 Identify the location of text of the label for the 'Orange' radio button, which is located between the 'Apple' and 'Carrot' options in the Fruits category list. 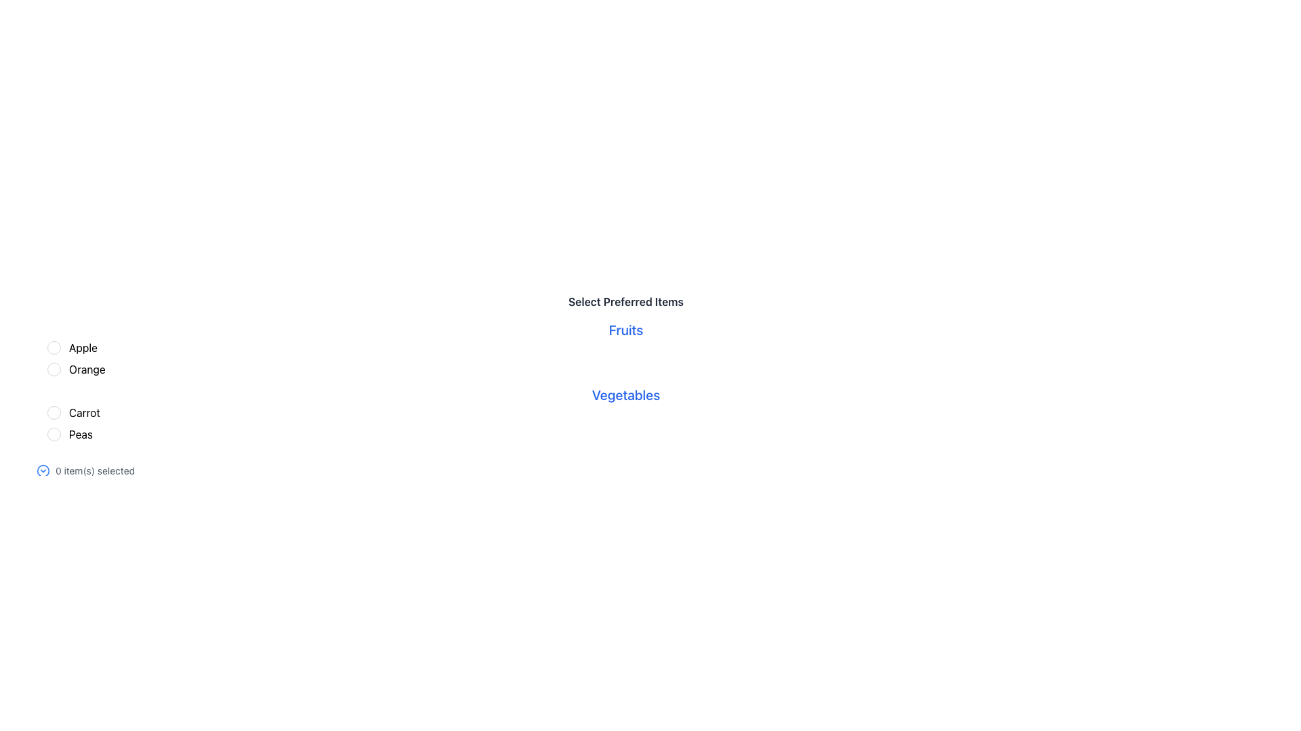
(86, 370).